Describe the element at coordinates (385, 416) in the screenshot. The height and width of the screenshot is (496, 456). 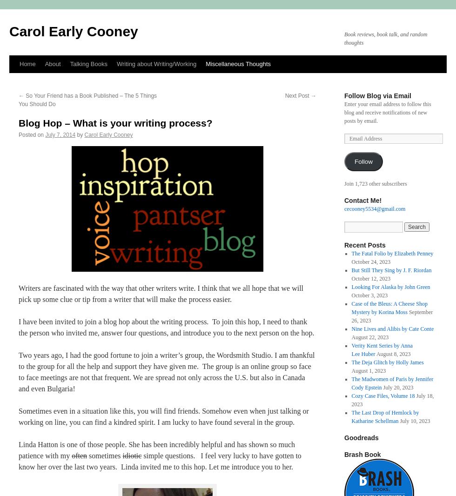
I see `'The Last Drop of Hemlock by Katharine Schellman'` at that location.